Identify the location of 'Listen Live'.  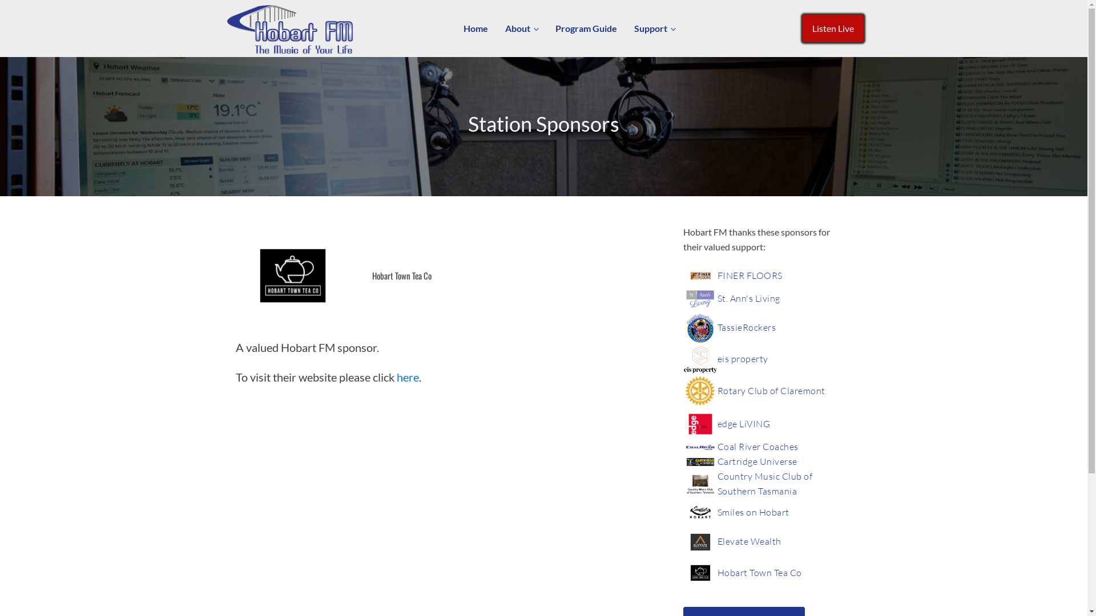
(833, 28).